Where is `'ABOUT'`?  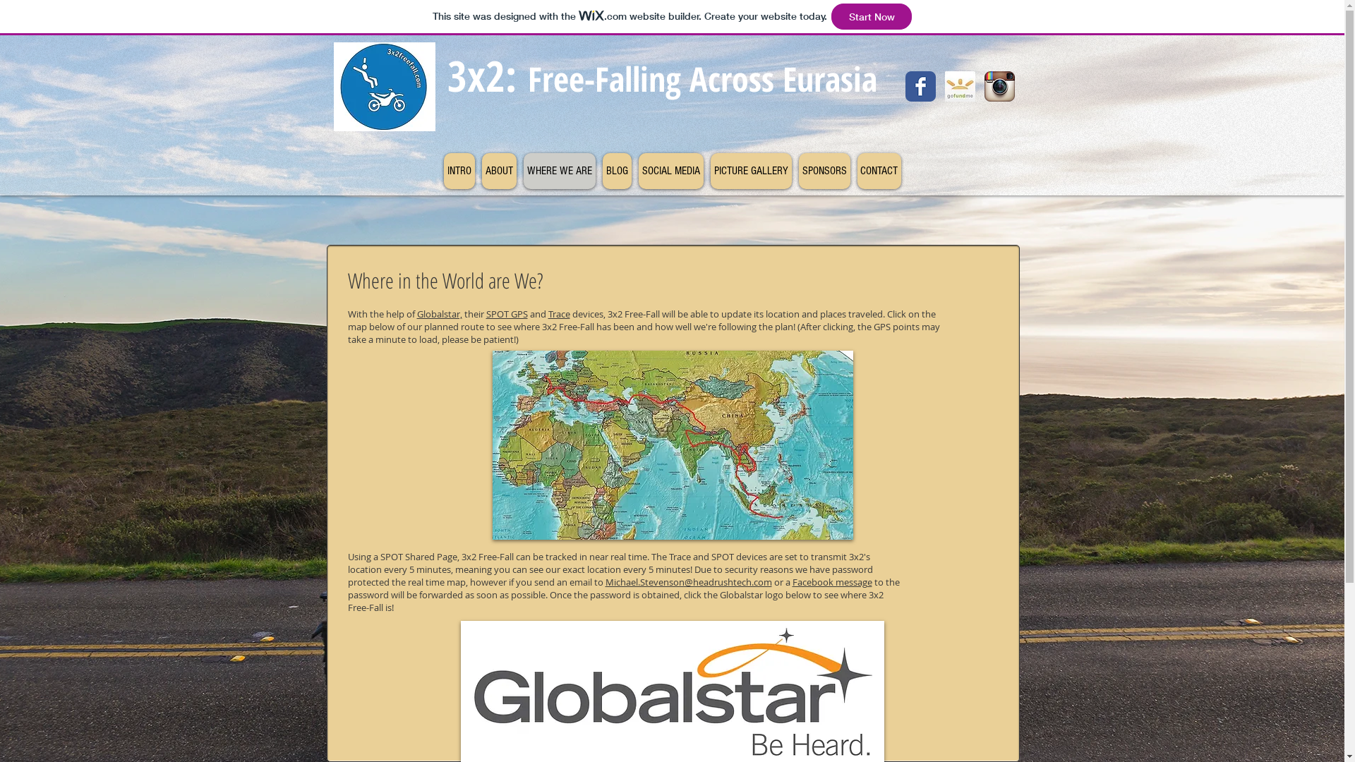
'ABOUT' is located at coordinates (481, 170).